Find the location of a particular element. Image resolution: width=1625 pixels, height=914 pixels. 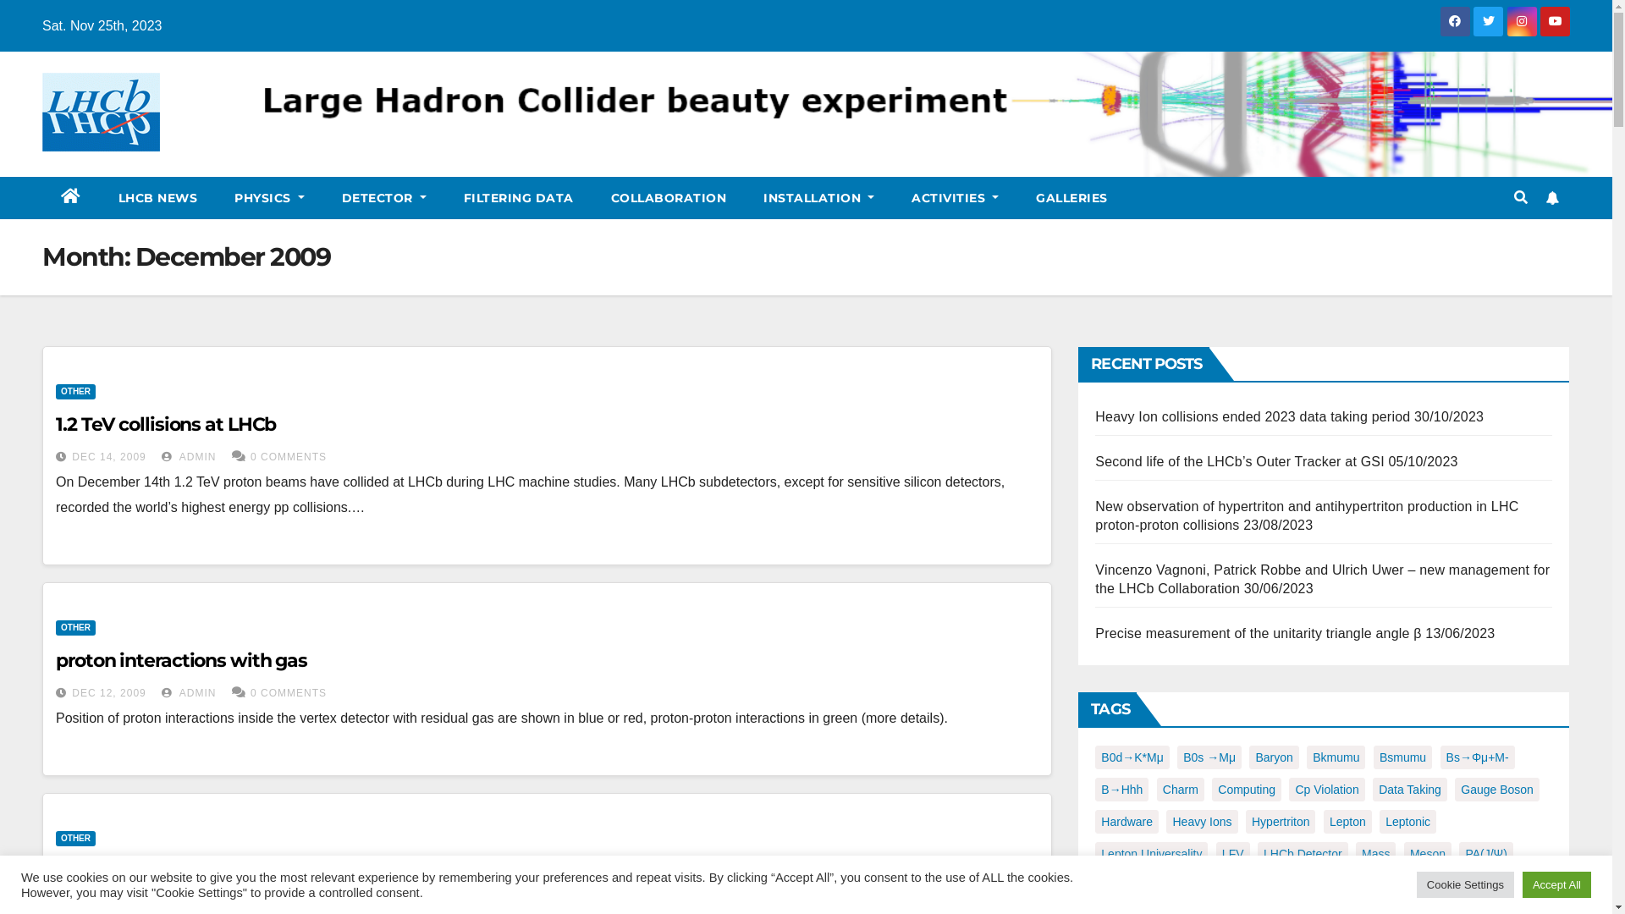

'FILTERING DATA' is located at coordinates (445, 197).